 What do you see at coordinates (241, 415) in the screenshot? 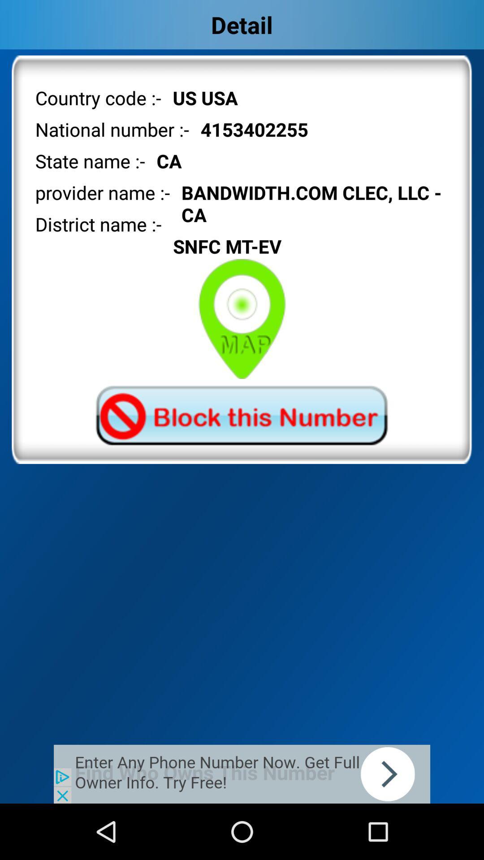
I see `this number` at bounding box center [241, 415].